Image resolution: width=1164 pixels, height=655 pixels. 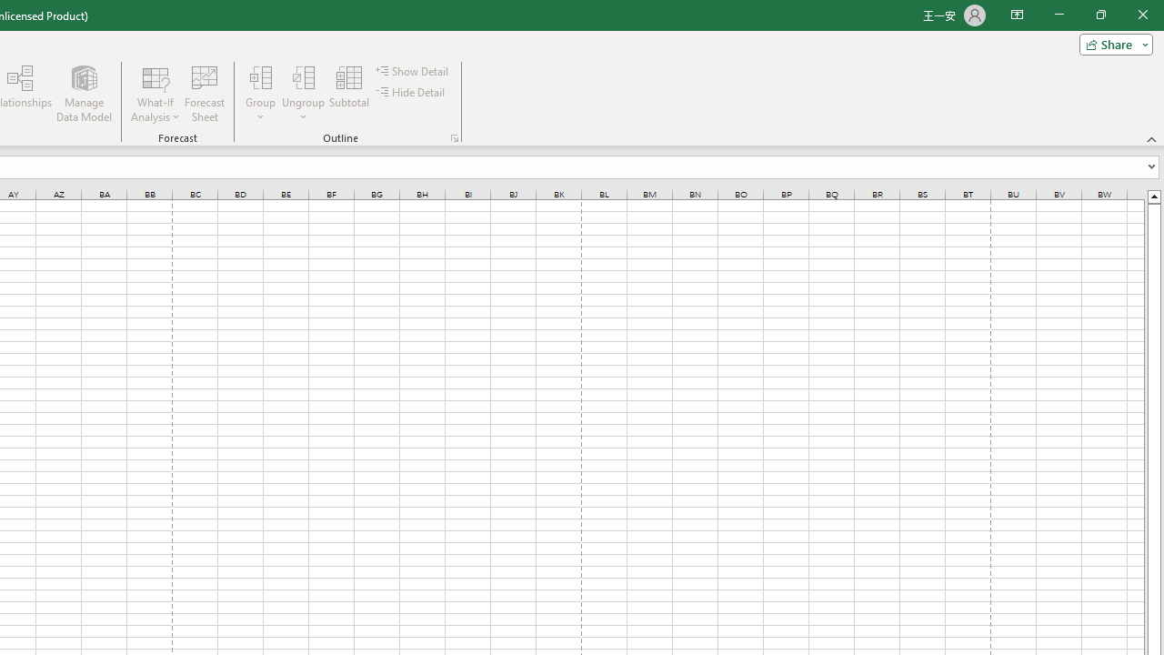 What do you see at coordinates (205, 94) in the screenshot?
I see `'Forecast Sheet'` at bounding box center [205, 94].